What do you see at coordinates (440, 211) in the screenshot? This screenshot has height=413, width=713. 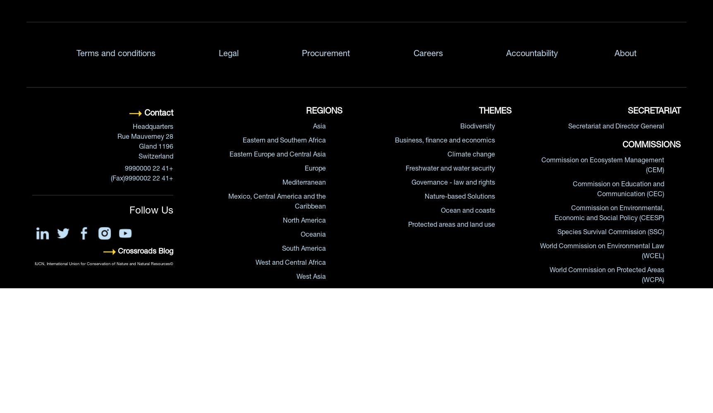 I see `'Ocean and coasts'` at bounding box center [440, 211].